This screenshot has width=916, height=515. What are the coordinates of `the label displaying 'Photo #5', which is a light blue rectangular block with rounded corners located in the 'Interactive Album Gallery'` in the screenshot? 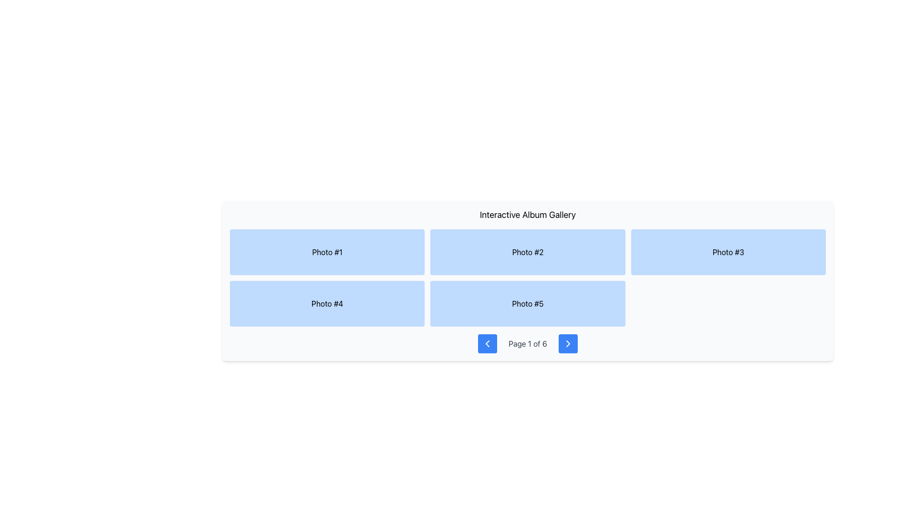 It's located at (527, 303).